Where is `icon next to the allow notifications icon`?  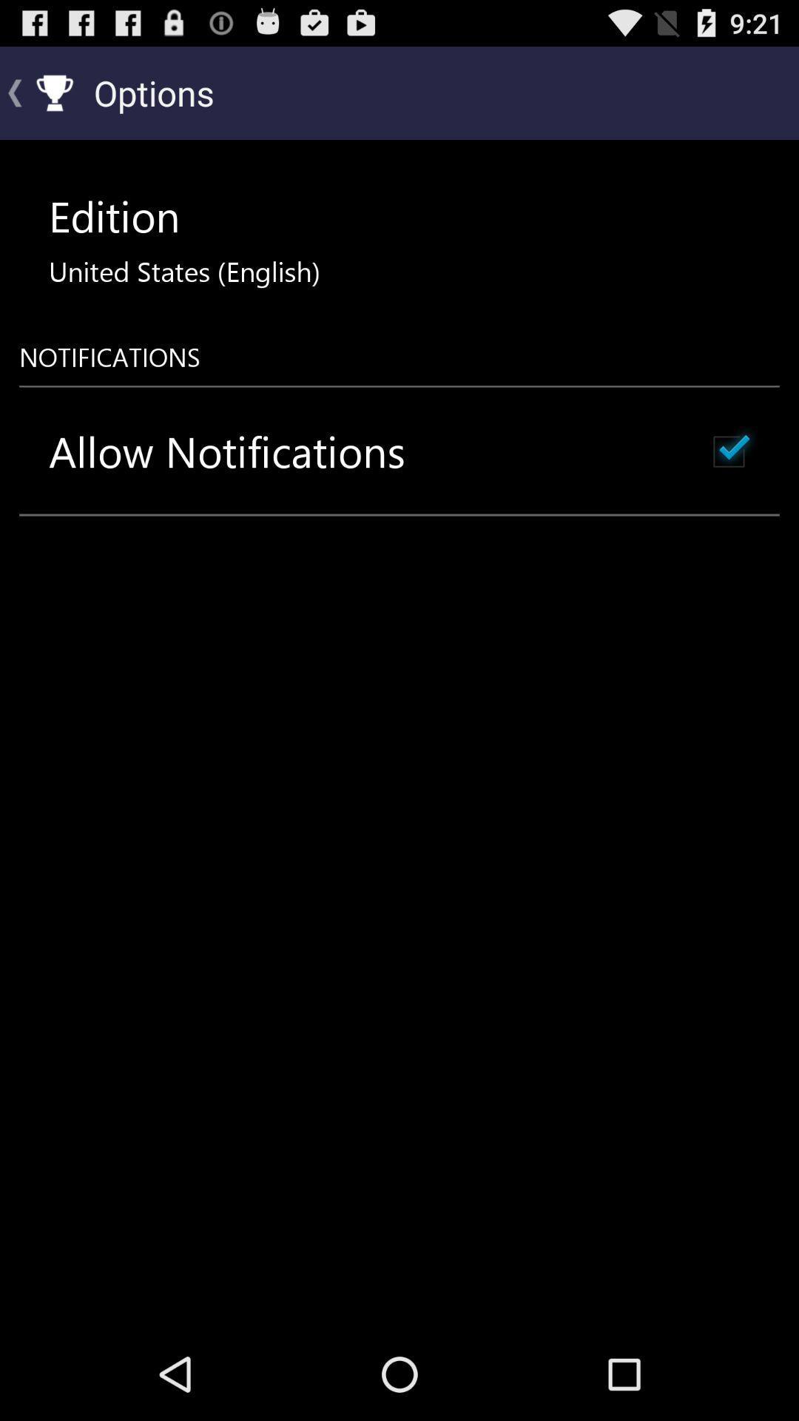
icon next to the allow notifications icon is located at coordinates (728, 451).